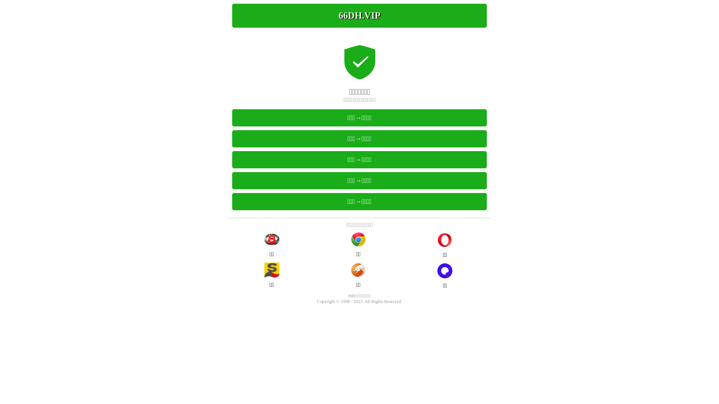 The image size is (719, 404). Describe the element at coordinates (359, 16) in the screenshot. I see `'66DH.VIP'` at that location.